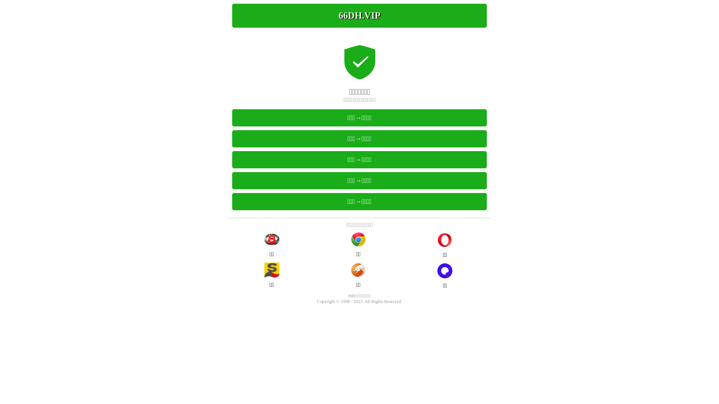 The image size is (719, 404). Describe the element at coordinates (359, 16) in the screenshot. I see `'66DH.VIP'` at that location.